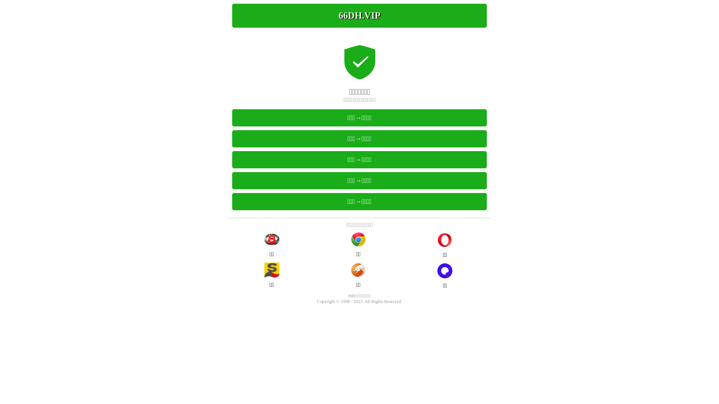 The image size is (719, 404). Describe the element at coordinates (359, 16) in the screenshot. I see `'66DH.VIP'` at that location.